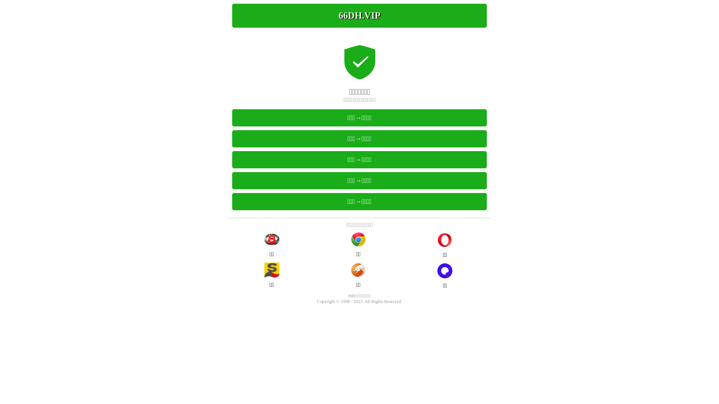 The image size is (719, 404). Describe the element at coordinates (359, 16) in the screenshot. I see `'66DH.VIP'` at that location.